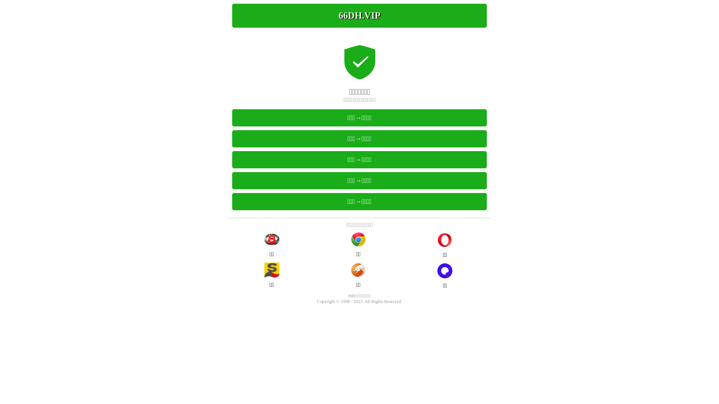 The image size is (719, 404). Describe the element at coordinates (359, 16) in the screenshot. I see `'66DH.VIP'` at that location.